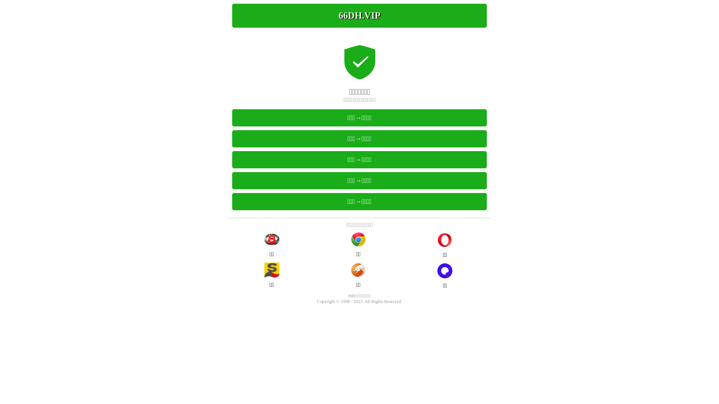 The image size is (719, 404). Describe the element at coordinates (359, 16) in the screenshot. I see `'66DH.VIP'` at that location.